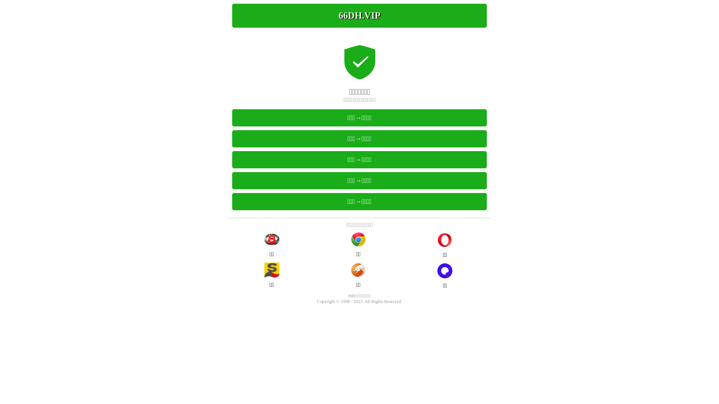 The image size is (719, 404). Describe the element at coordinates (359, 16) in the screenshot. I see `'66DH.VIP'` at that location.